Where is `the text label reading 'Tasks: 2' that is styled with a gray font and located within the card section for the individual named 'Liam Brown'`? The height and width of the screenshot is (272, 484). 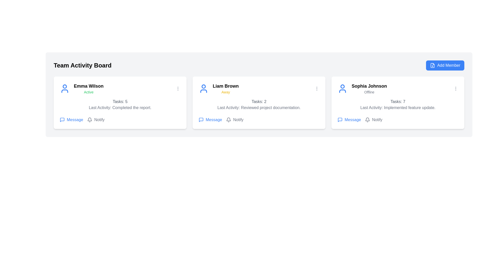
the text label reading 'Tasks: 2' that is styled with a gray font and located within the card section for the individual named 'Liam Brown' is located at coordinates (259, 102).